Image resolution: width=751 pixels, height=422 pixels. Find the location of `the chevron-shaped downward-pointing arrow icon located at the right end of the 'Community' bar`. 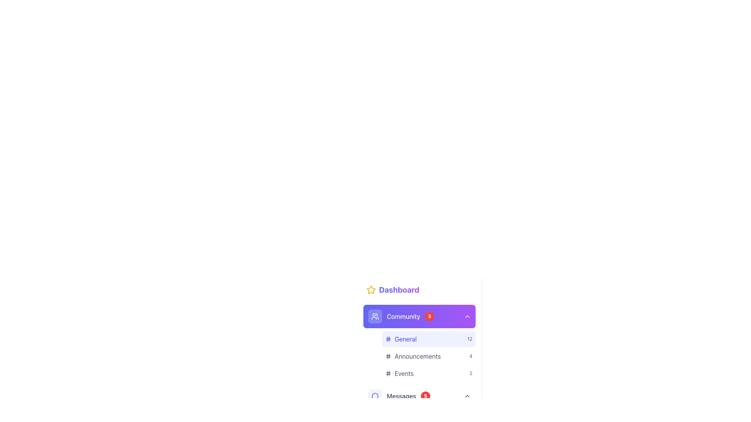

the chevron-shaped downward-pointing arrow icon located at the right end of the 'Community' bar is located at coordinates (467, 316).